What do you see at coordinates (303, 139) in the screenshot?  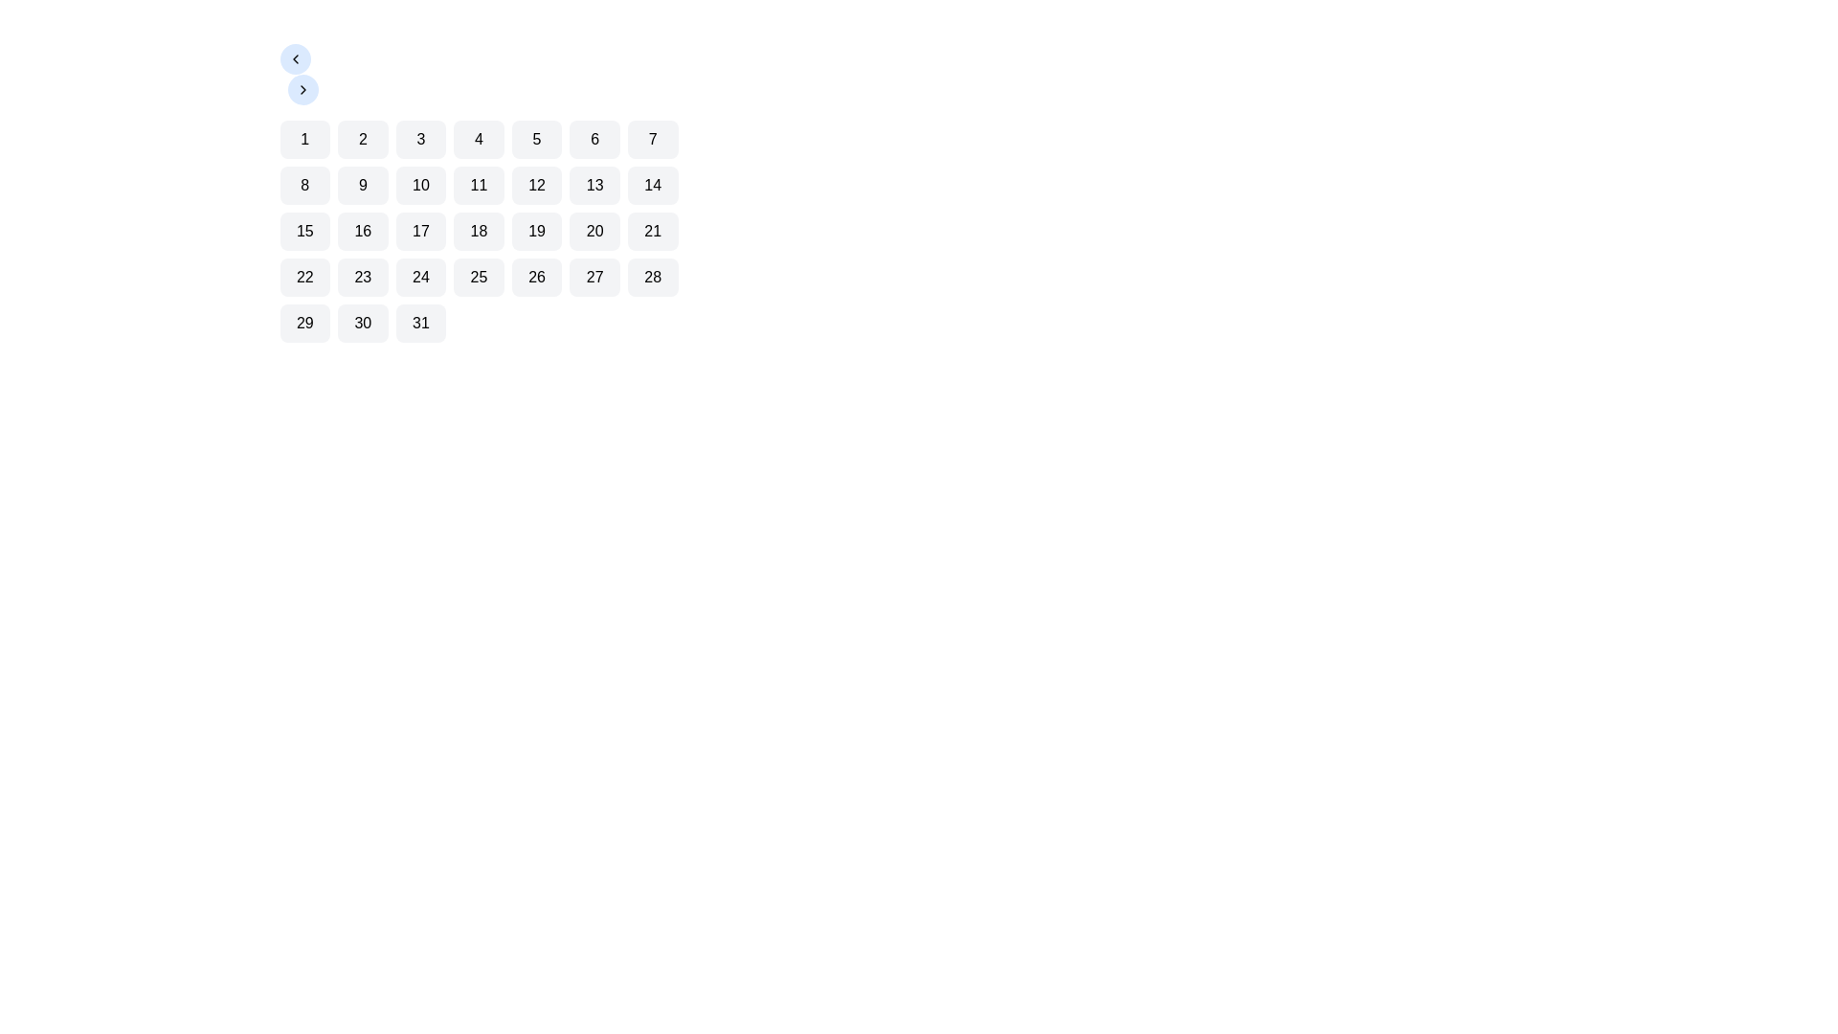 I see `the first grid item located` at bounding box center [303, 139].